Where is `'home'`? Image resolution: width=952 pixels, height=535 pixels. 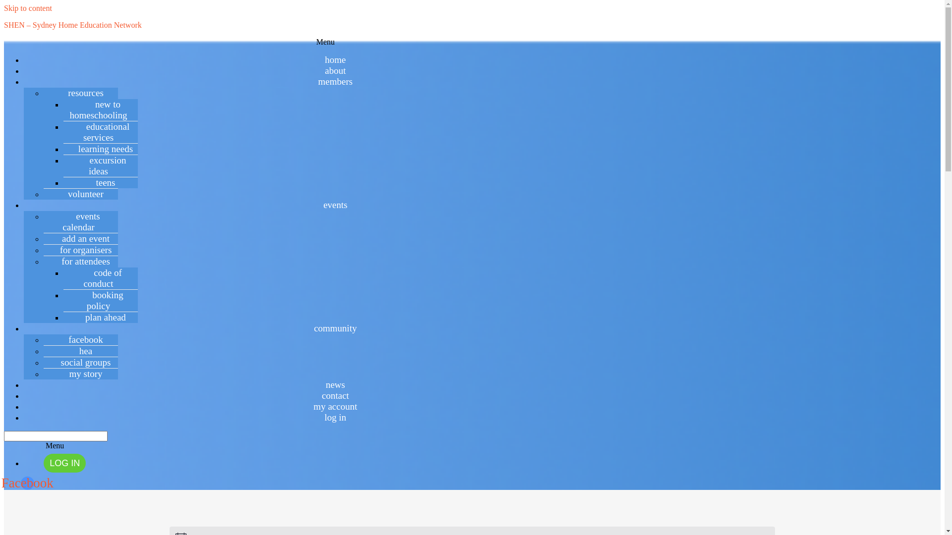 'home' is located at coordinates (335, 59).